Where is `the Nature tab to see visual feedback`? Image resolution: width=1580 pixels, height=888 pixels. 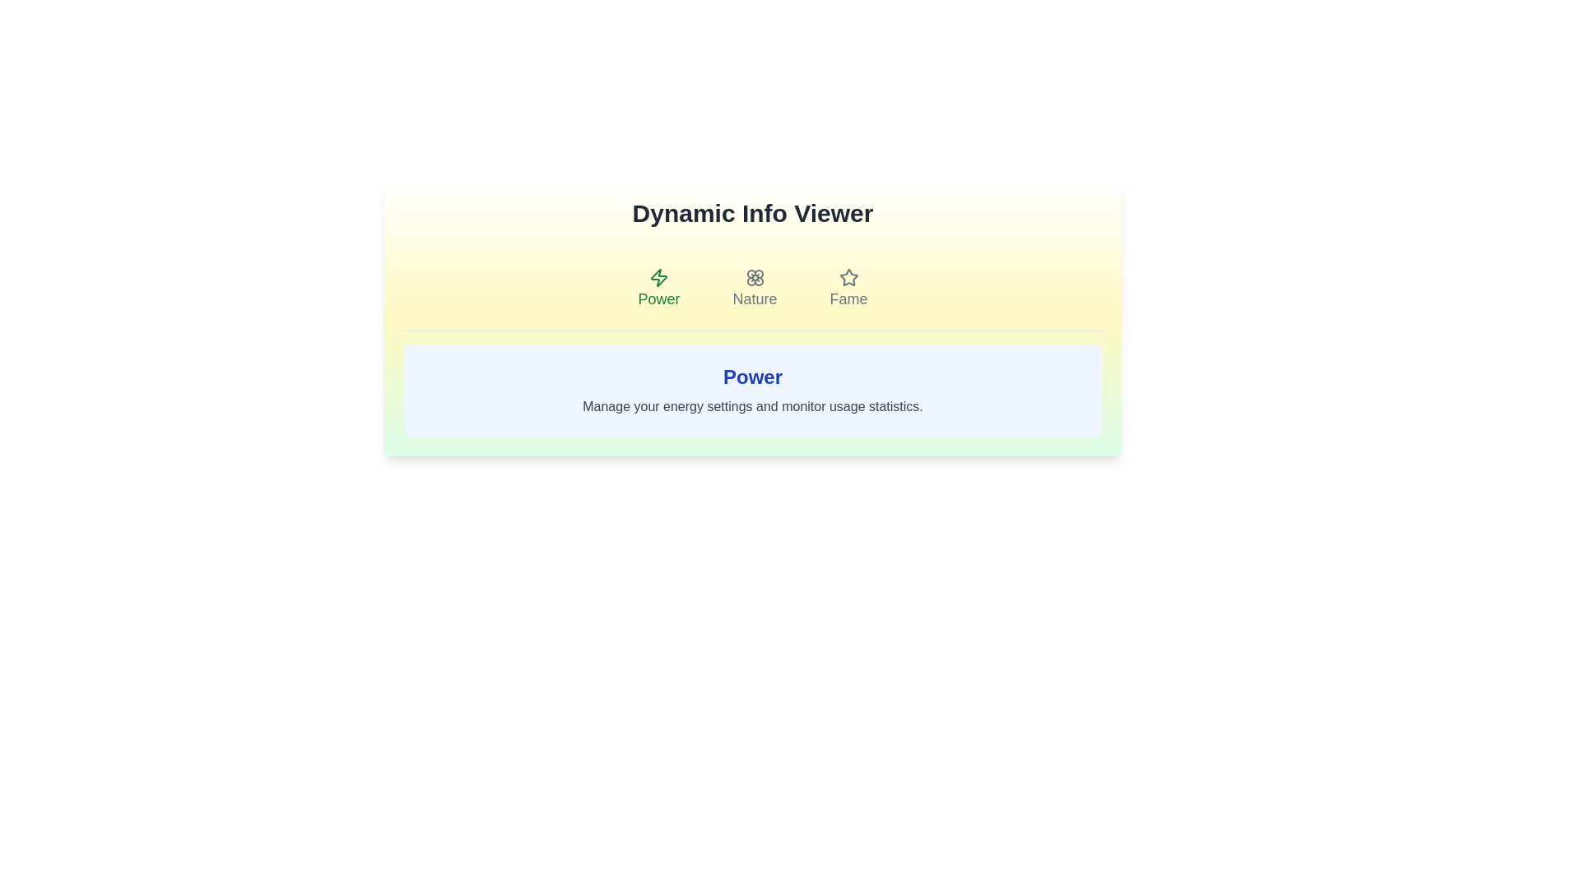
the Nature tab to see visual feedback is located at coordinates (753, 288).